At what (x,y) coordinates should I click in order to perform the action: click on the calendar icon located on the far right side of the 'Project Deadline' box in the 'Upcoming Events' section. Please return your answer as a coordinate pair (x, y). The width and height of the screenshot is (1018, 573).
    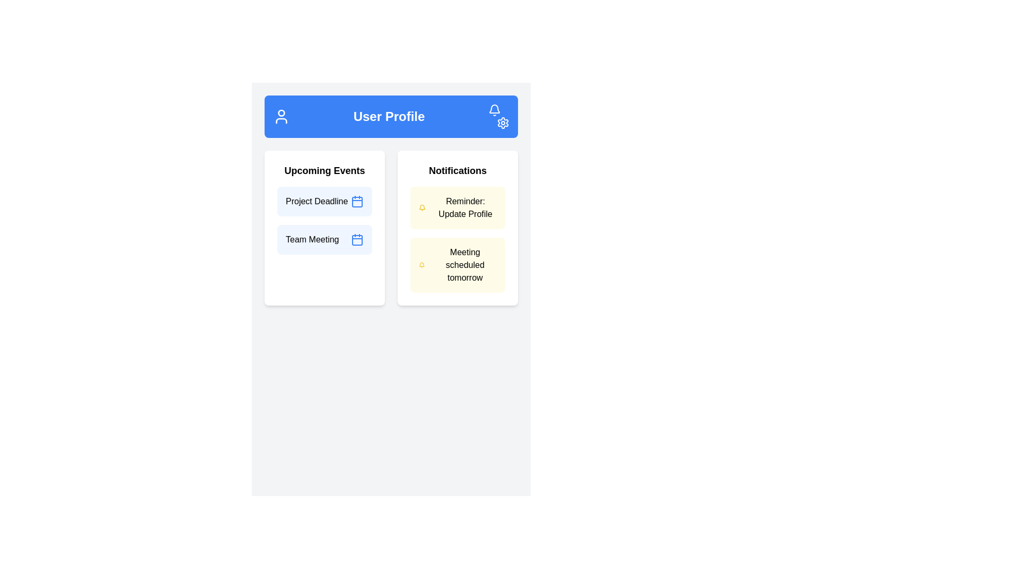
    Looking at the image, I should click on (357, 202).